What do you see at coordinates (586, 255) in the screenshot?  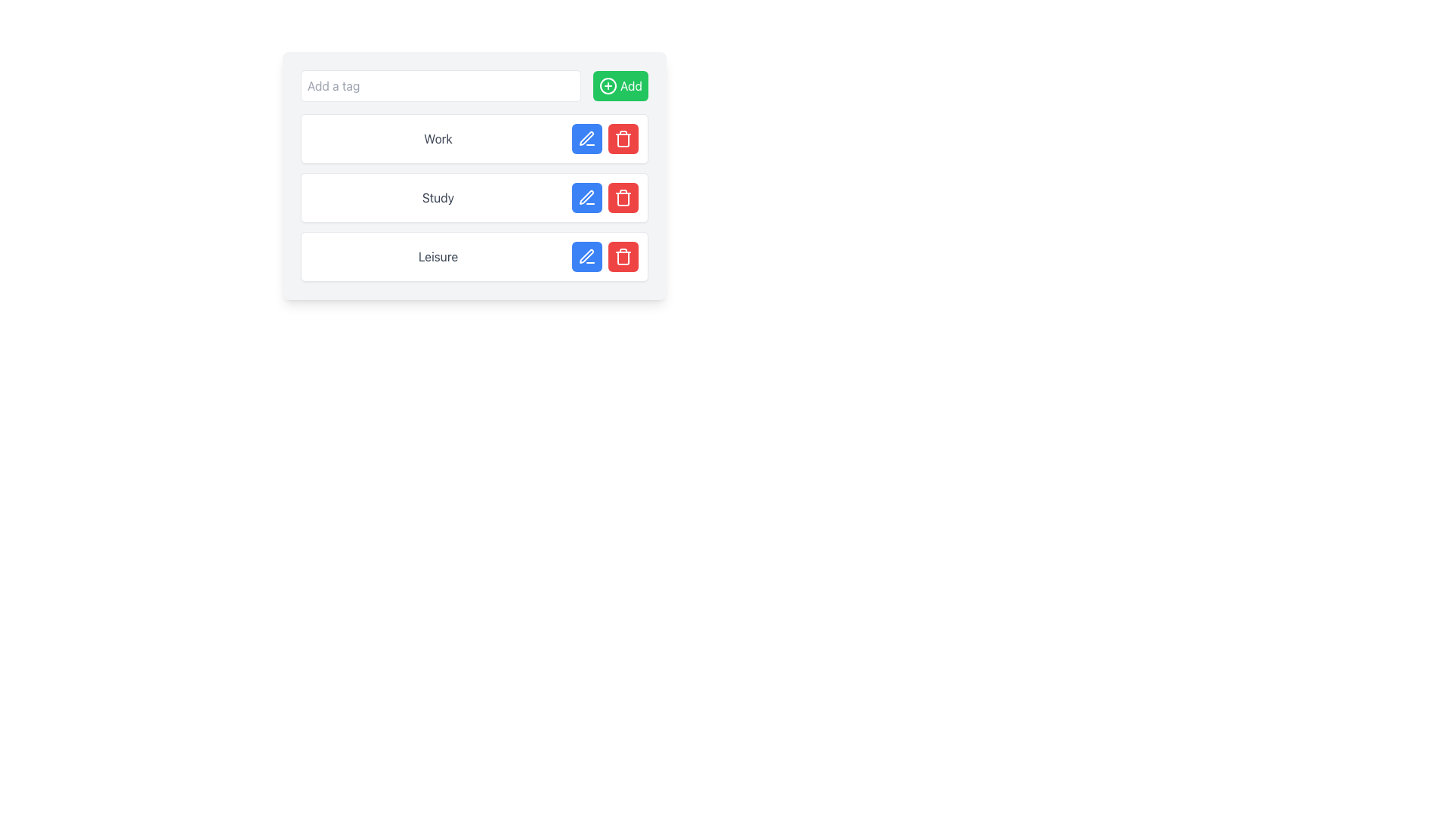 I see `the pen icon button with a blue circular background in the third row of the 'Leisure' list to initiate editing` at bounding box center [586, 255].